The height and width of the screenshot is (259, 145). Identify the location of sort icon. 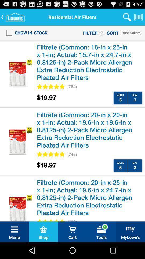
(113, 32).